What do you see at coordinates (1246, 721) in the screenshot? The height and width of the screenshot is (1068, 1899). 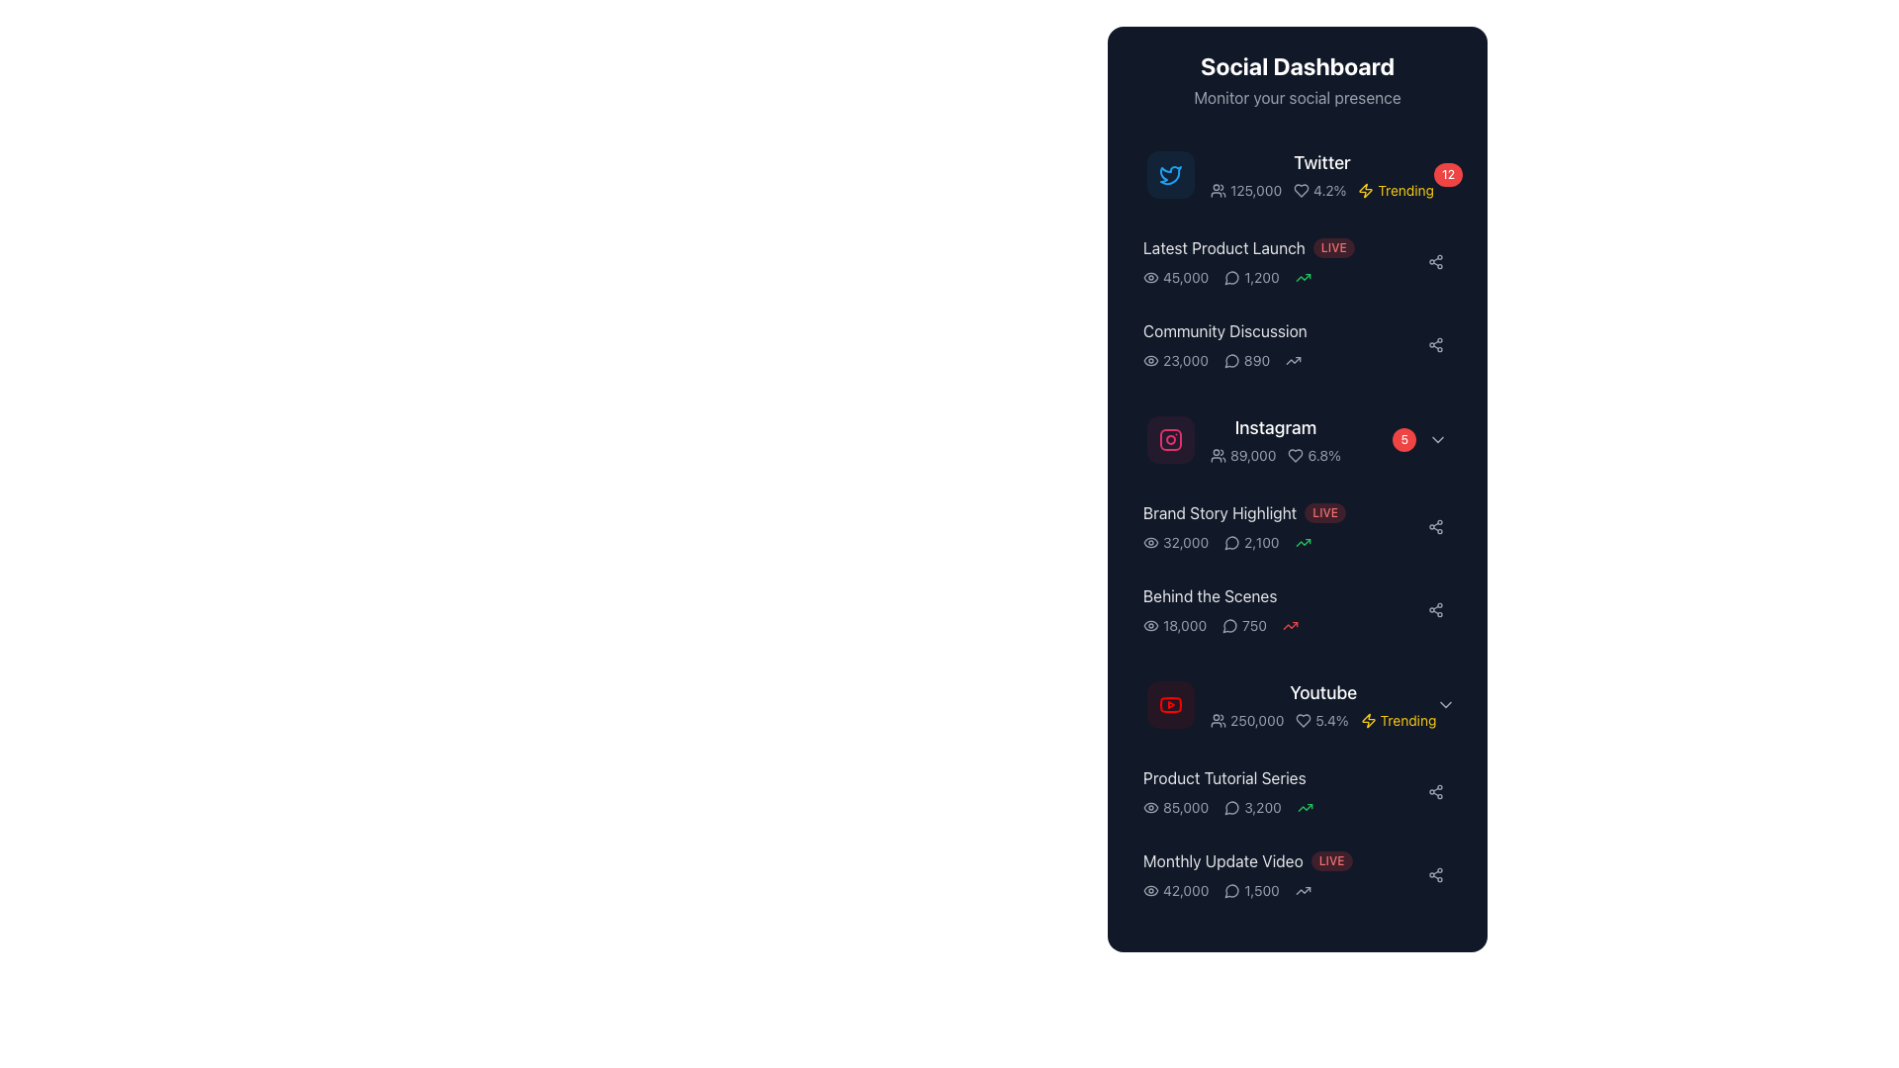 I see `the Text label displaying user-related statistics under the 'Youtube' label in the 'Social Dashboard', located to the left of the '5.4%' statistic` at bounding box center [1246, 721].